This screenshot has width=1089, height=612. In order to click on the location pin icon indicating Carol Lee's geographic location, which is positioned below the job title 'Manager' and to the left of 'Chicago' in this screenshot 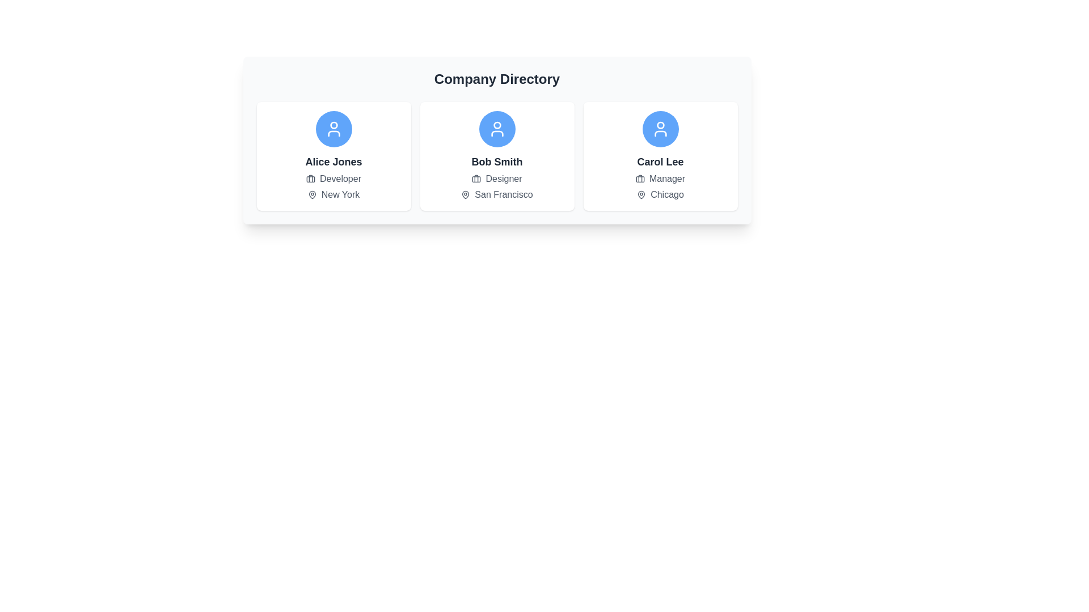, I will do `click(641, 194)`.